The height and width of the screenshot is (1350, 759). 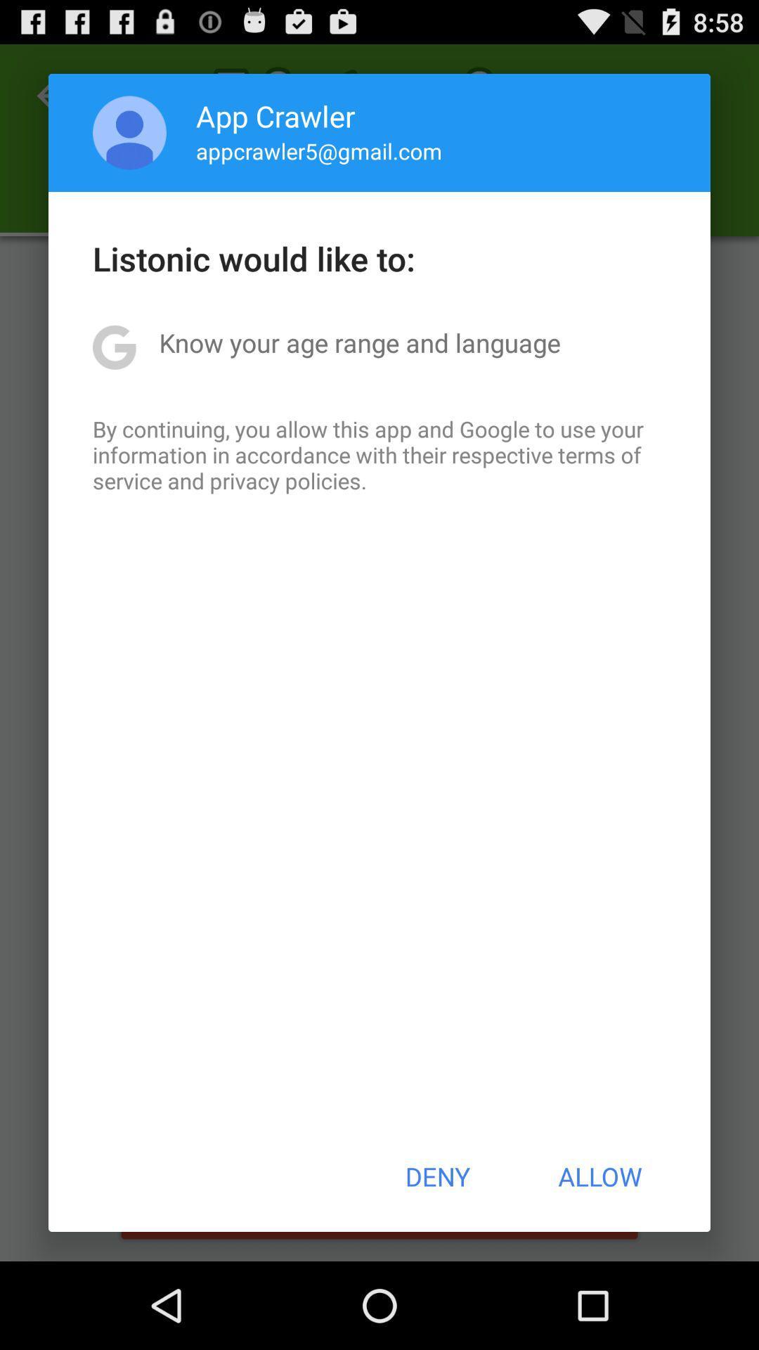 What do you see at coordinates (129, 132) in the screenshot?
I see `the item to the left of the app crawler` at bounding box center [129, 132].